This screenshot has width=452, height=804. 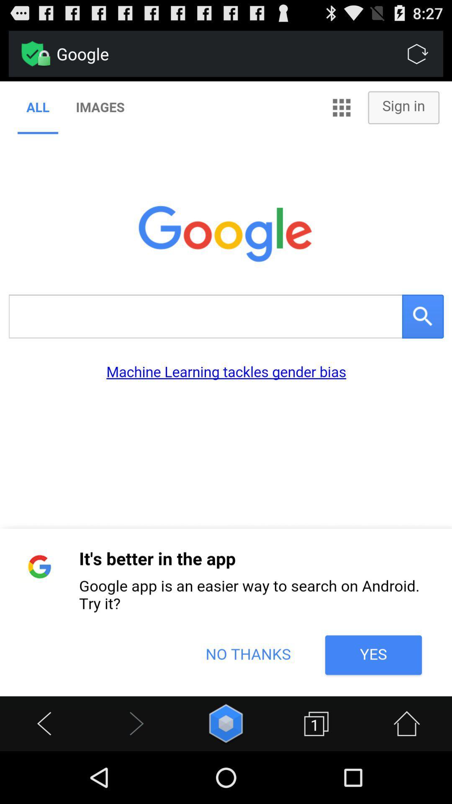 What do you see at coordinates (32, 57) in the screenshot?
I see `the check icon` at bounding box center [32, 57].